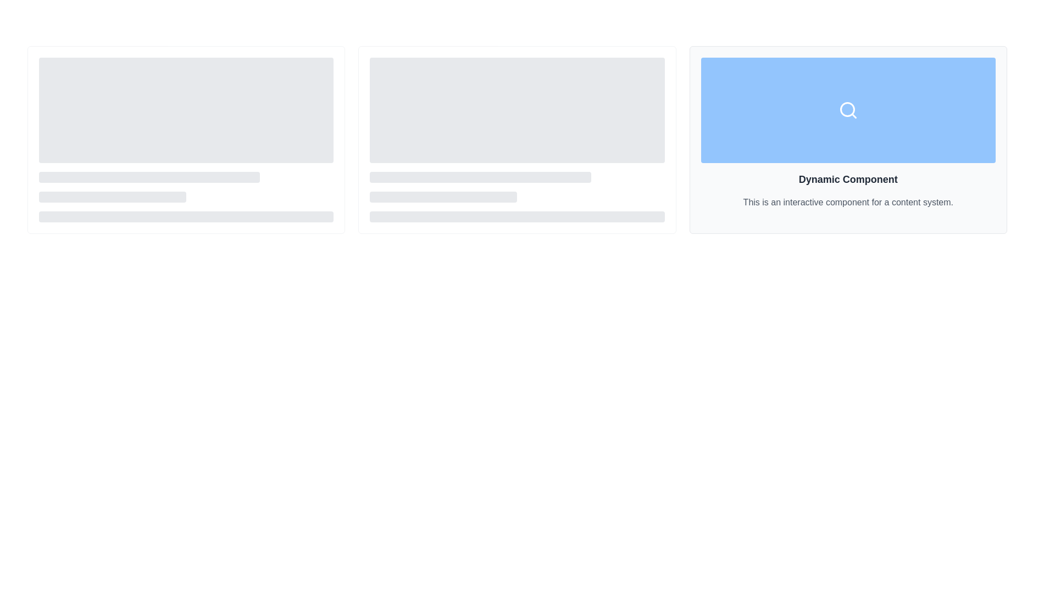 This screenshot has width=1055, height=593. I want to click on the loading animation of the second card in a row of three, which serves as a placeholder or loading indicator for content, so click(517, 139).